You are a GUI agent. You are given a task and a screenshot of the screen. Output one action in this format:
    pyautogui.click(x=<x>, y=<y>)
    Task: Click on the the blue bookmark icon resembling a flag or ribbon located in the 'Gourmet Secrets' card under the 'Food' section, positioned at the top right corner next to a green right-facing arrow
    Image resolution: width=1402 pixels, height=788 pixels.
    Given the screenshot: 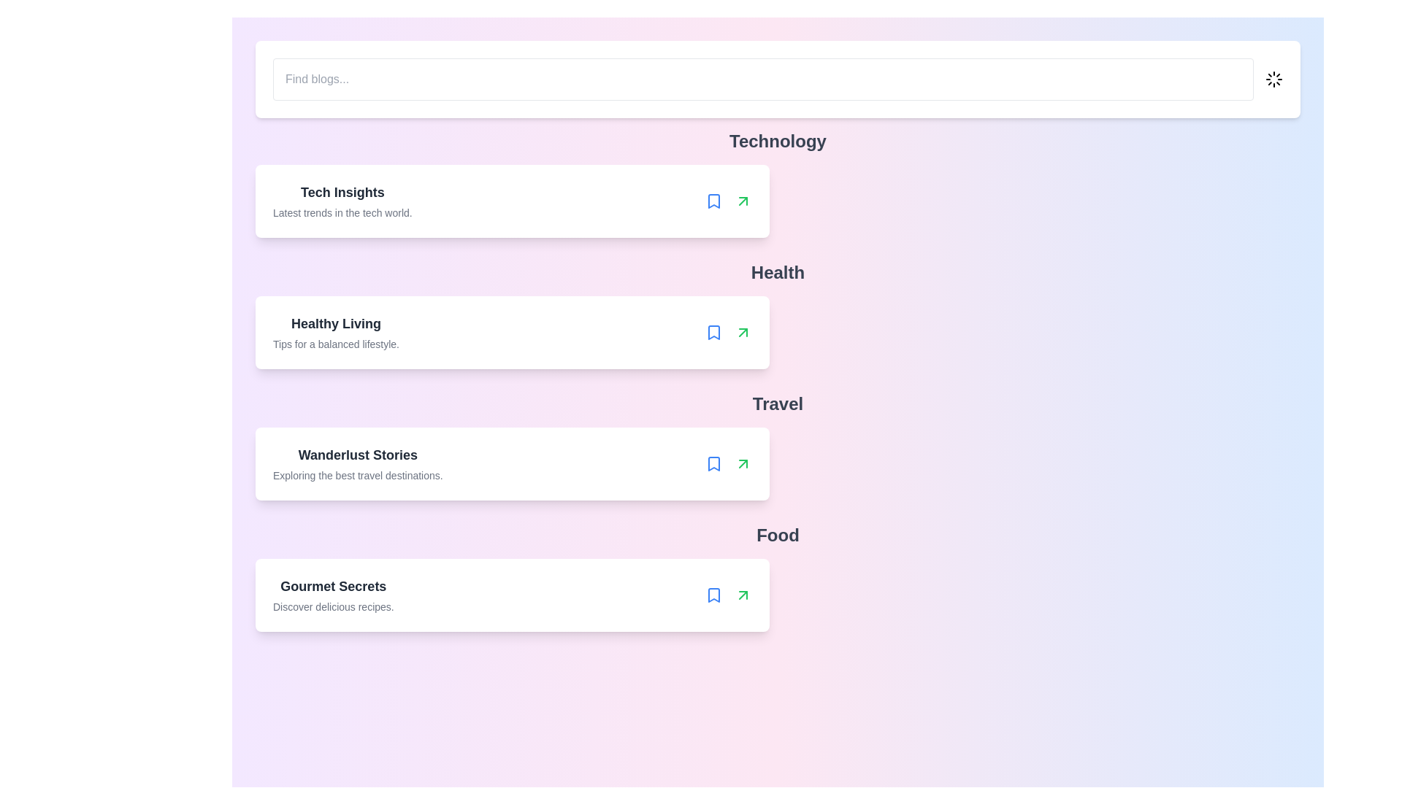 What is the action you would take?
    pyautogui.click(x=713, y=595)
    